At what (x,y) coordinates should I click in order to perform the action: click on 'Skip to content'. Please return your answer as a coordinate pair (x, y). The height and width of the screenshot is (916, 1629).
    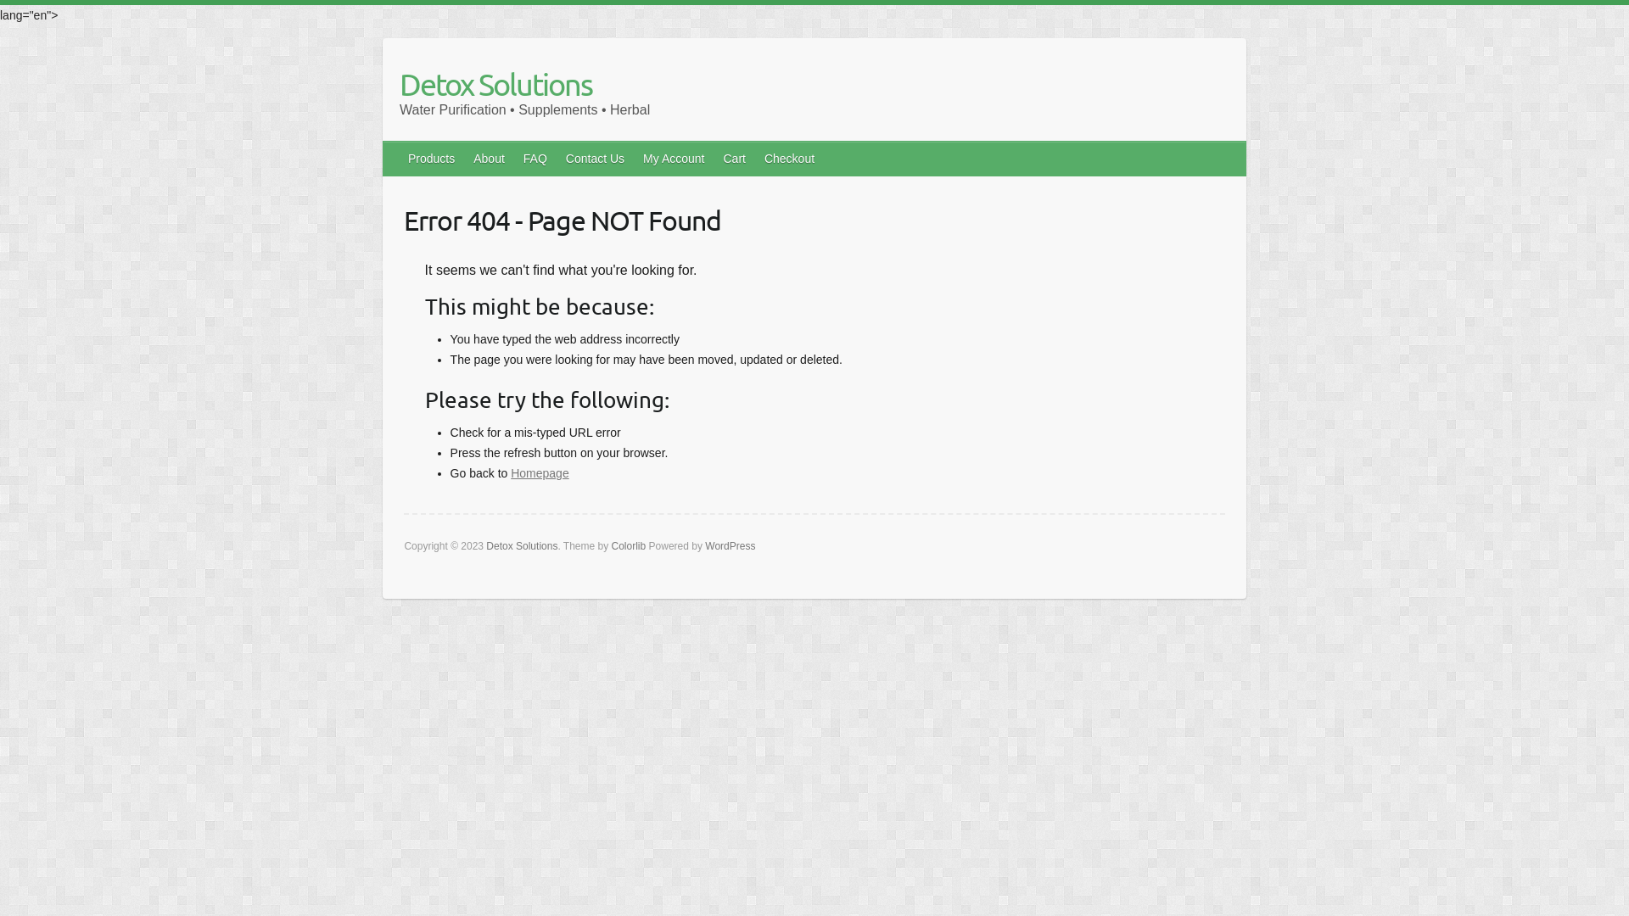
    Looking at the image, I should click on (57, 4).